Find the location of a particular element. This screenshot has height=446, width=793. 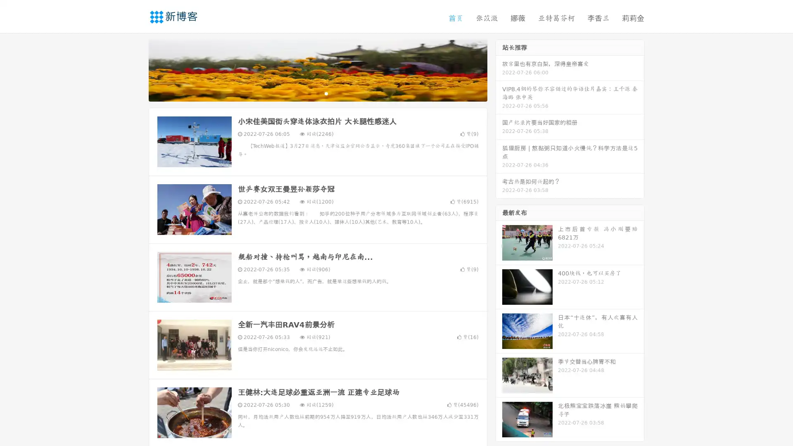

Next slide is located at coordinates (499, 69).